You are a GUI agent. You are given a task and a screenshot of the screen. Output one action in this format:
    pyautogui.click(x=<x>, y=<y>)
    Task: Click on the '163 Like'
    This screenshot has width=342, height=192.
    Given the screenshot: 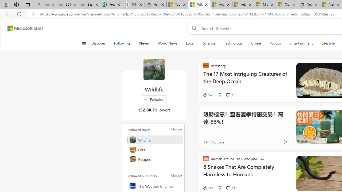 What is the action you would take?
    pyautogui.click(x=208, y=187)
    